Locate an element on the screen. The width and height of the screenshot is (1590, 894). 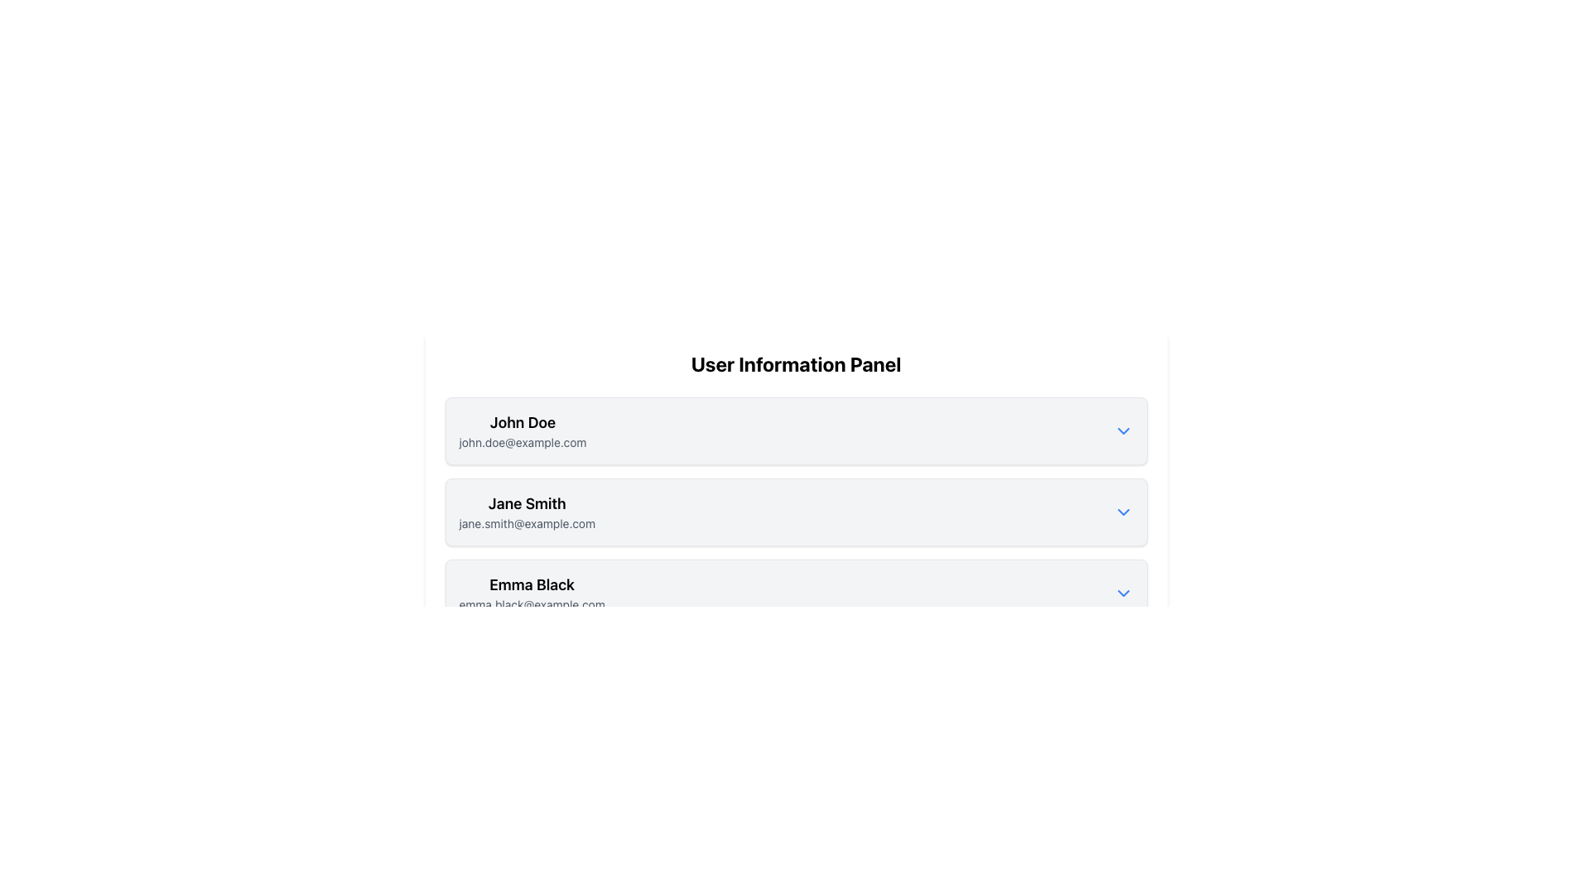
the text label displaying 'Jane Smith' in bold, large-sized font, which is the second entry in the user information panel is located at coordinates (526, 503).